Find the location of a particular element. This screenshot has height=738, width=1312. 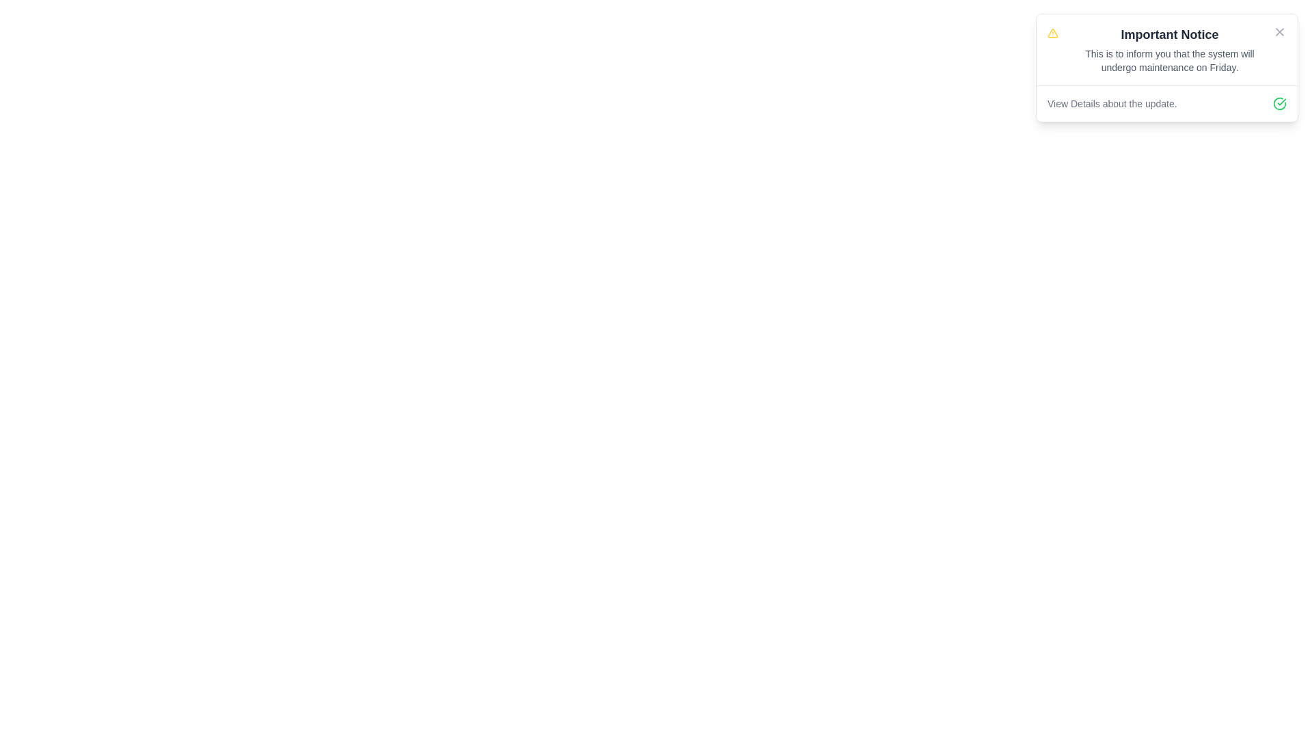

the yellow triangle warning icon located next to the heading 'Important Notice' in the notification box is located at coordinates (1052, 33).